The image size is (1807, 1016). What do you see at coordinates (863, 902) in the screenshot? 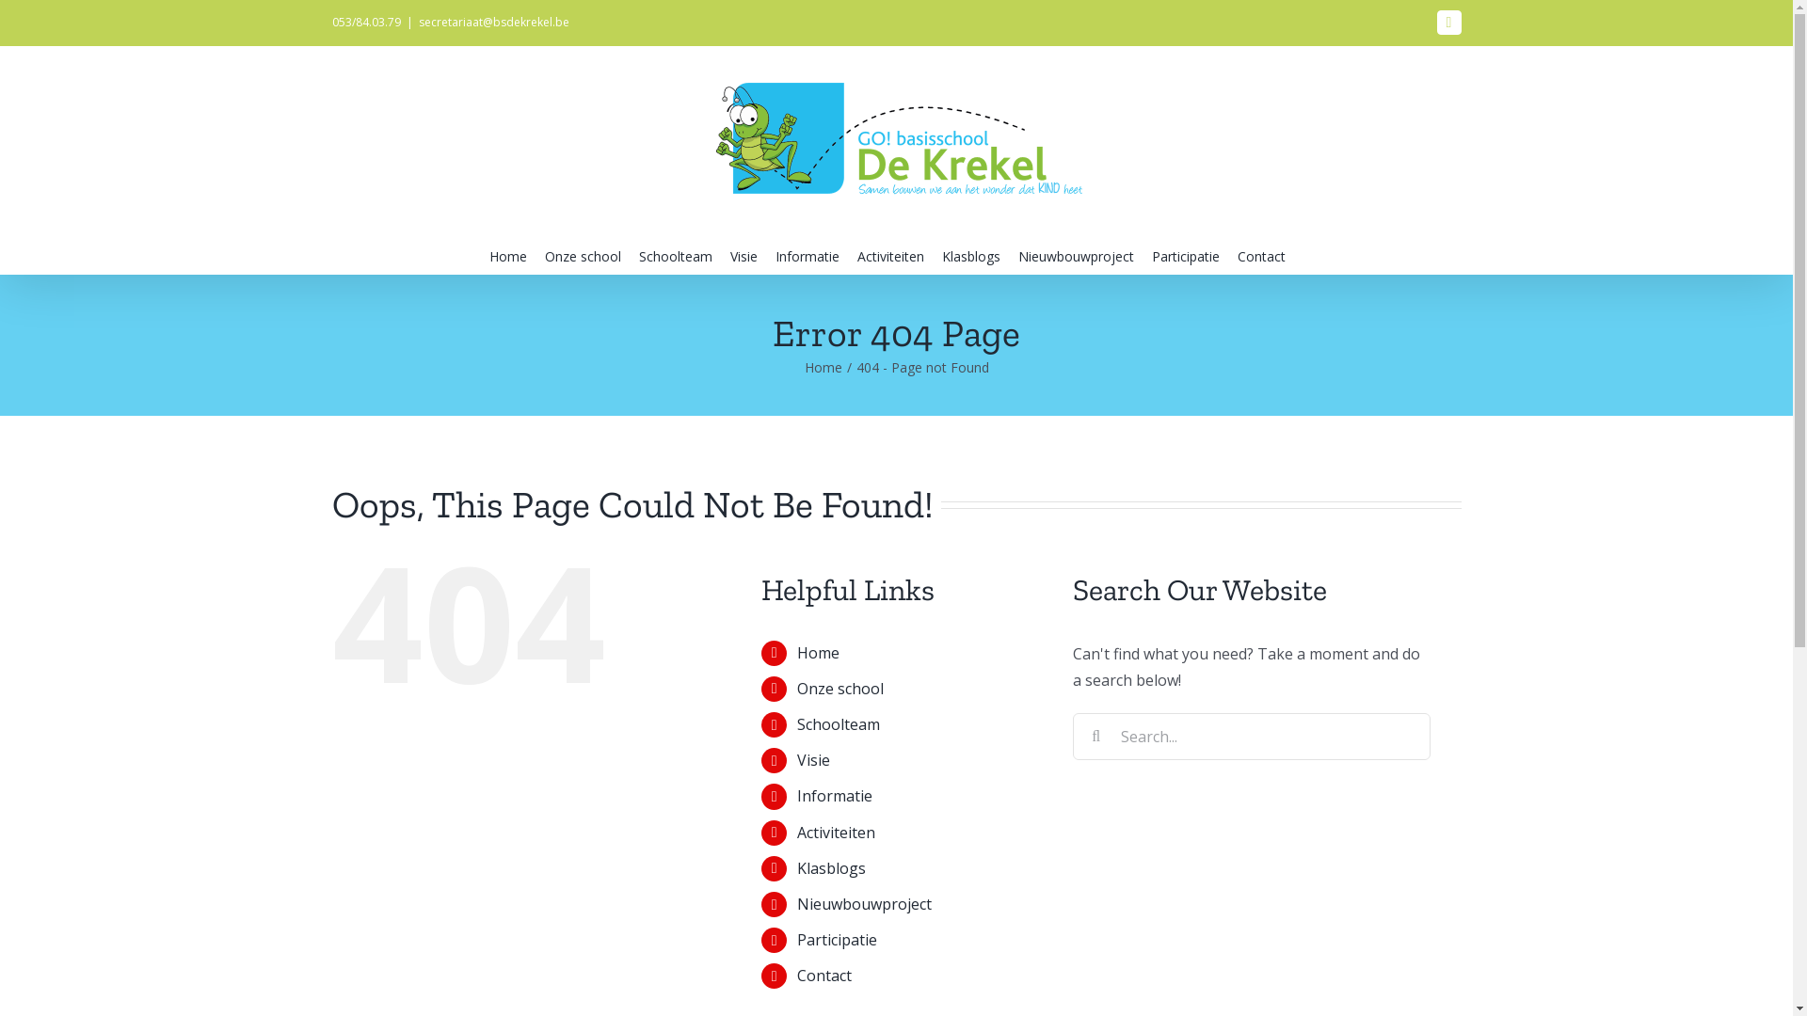
I see `'Nieuwbouwproject'` at bounding box center [863, 902].